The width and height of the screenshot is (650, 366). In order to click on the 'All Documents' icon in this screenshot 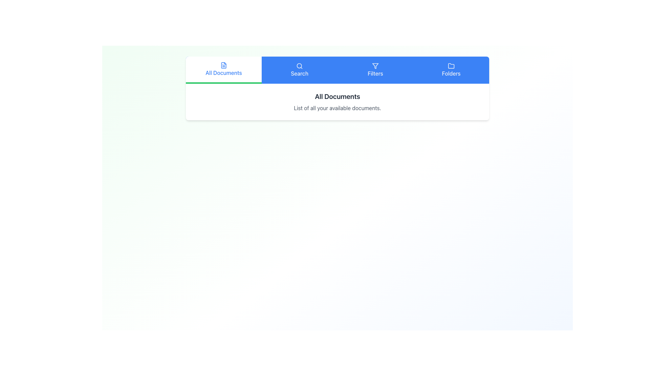, I will do `click(224, 65)`.